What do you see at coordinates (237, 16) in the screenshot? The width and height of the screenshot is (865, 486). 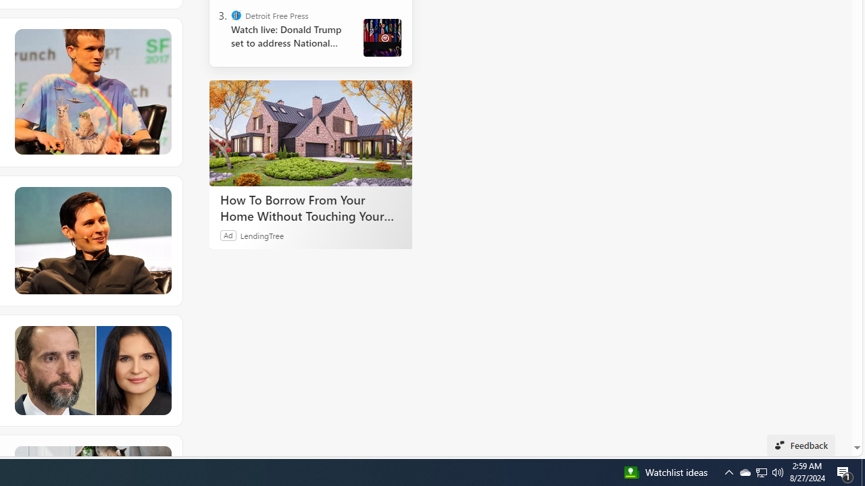 I see `'Detroit Free Press'` at bounding box center [237, 16].